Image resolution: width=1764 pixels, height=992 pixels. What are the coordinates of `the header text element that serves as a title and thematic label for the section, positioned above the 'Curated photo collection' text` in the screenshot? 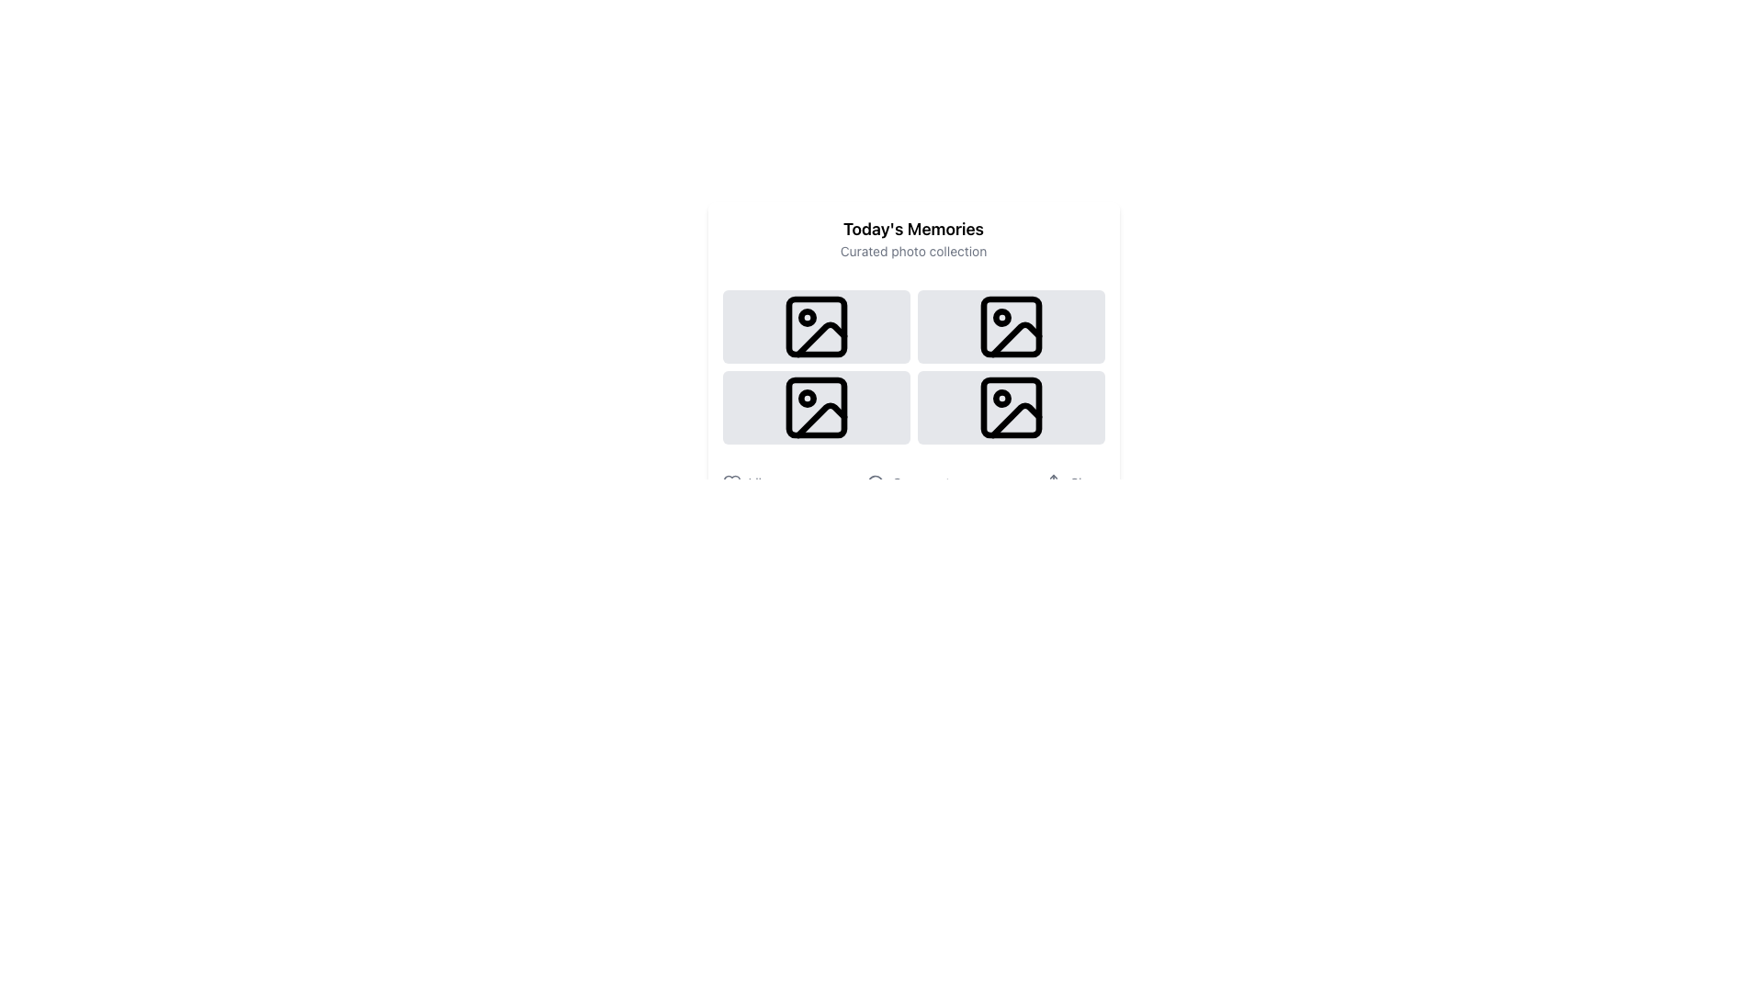 It's located at (913, 229).